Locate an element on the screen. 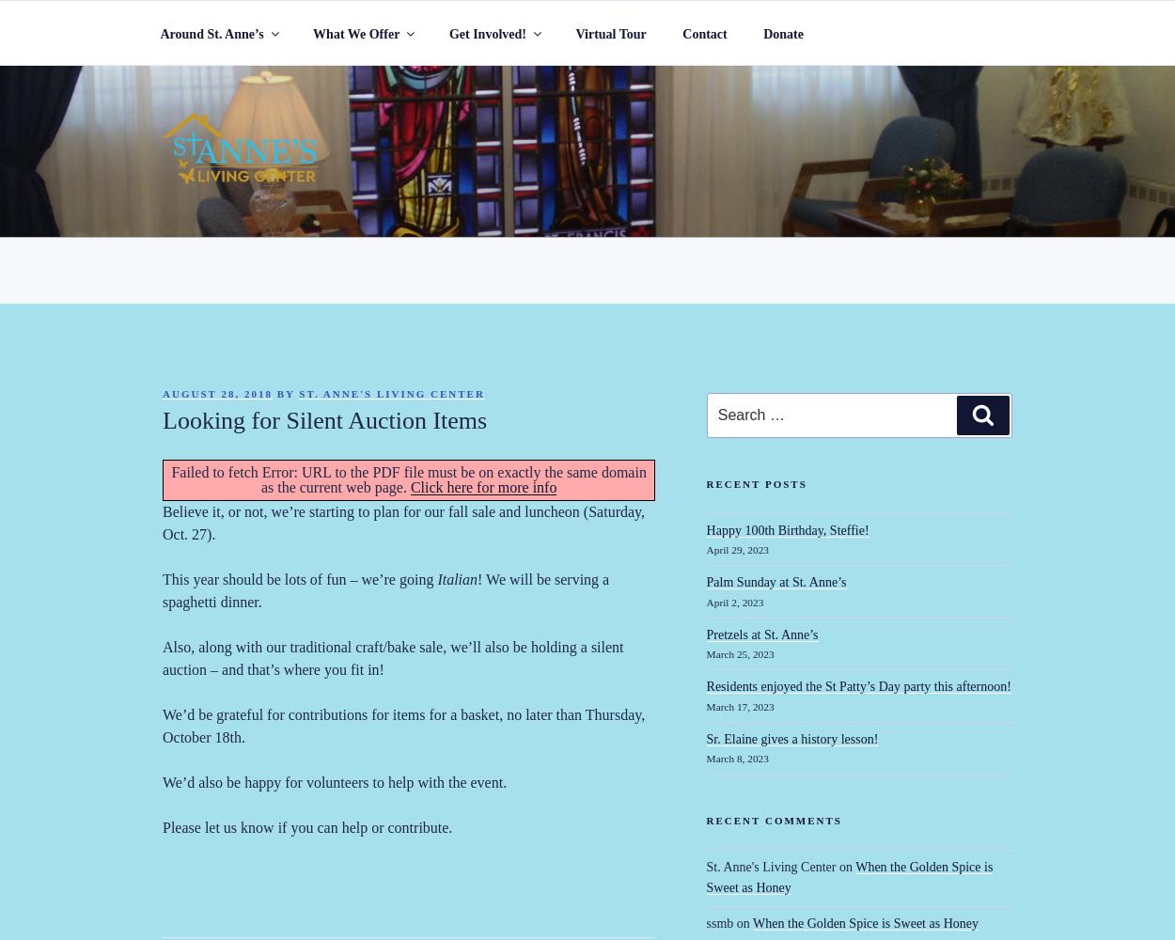 The height and width of the screenshot is (940, 1175). 'We’d also be happy for volunteers to help with the event.' is located at coordinates (334, 781).